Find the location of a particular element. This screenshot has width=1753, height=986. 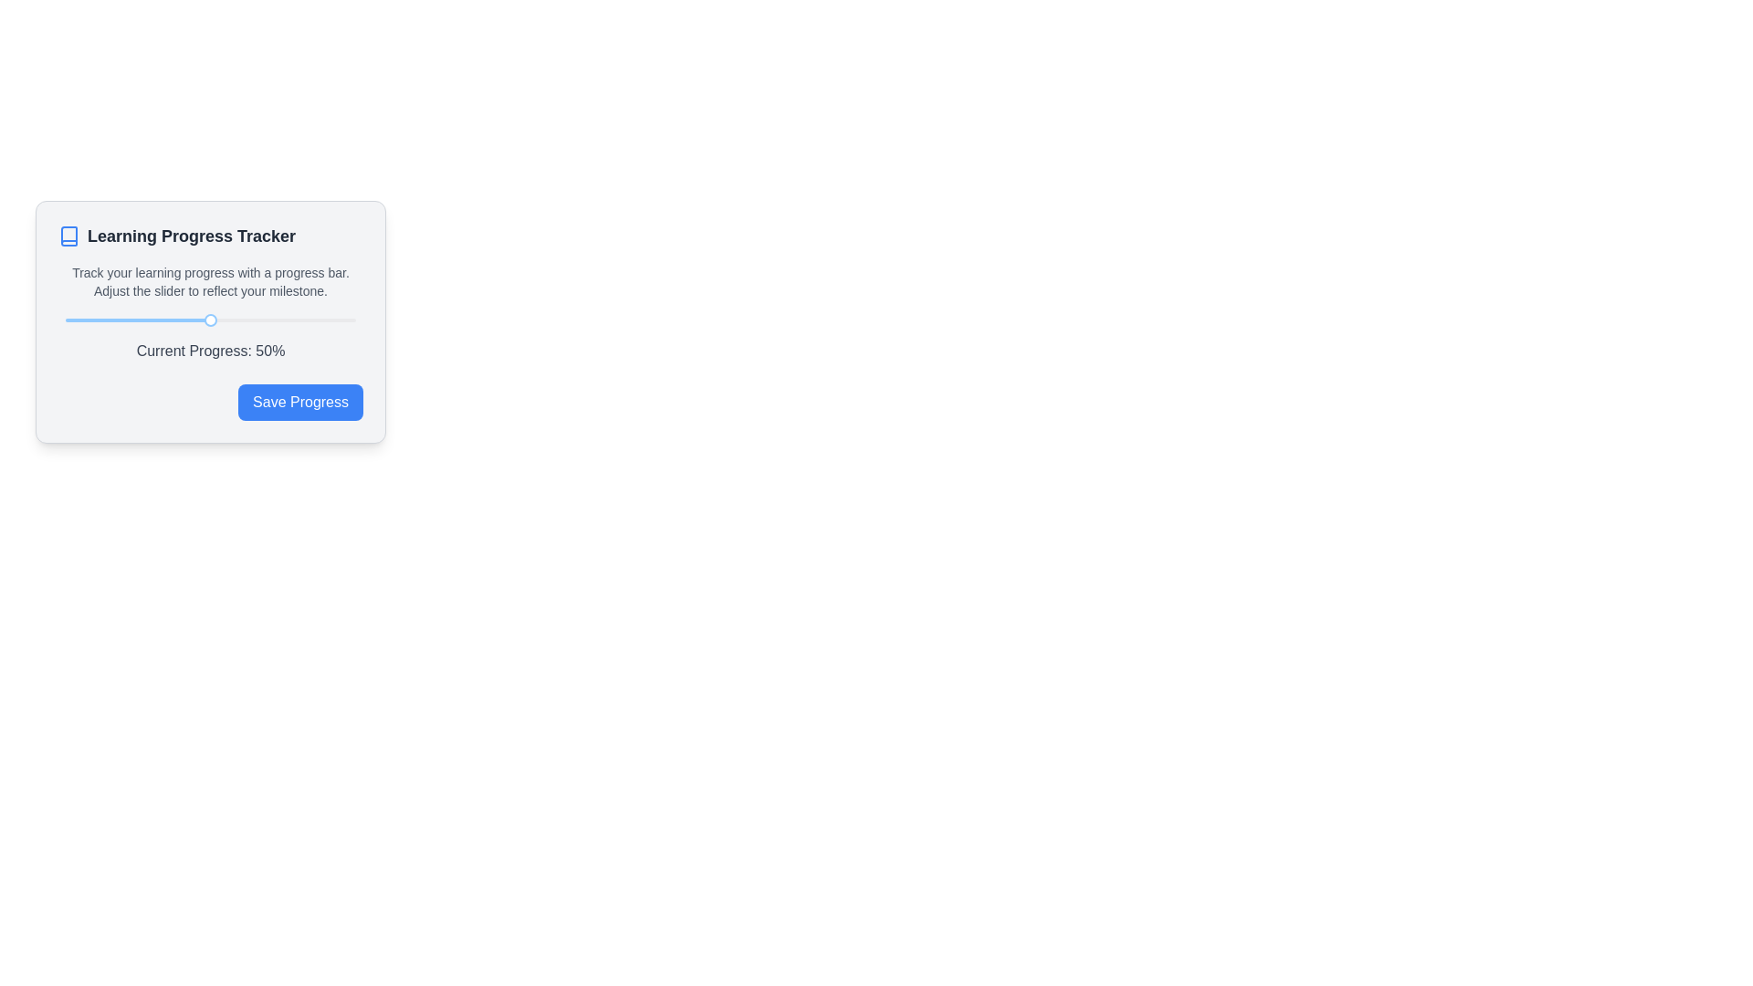

the static text label displaying 'Current Progress: 50%', which is positioned below the slider in the 'Learning Progress Tracker' card is located at coordinates (210, 351).